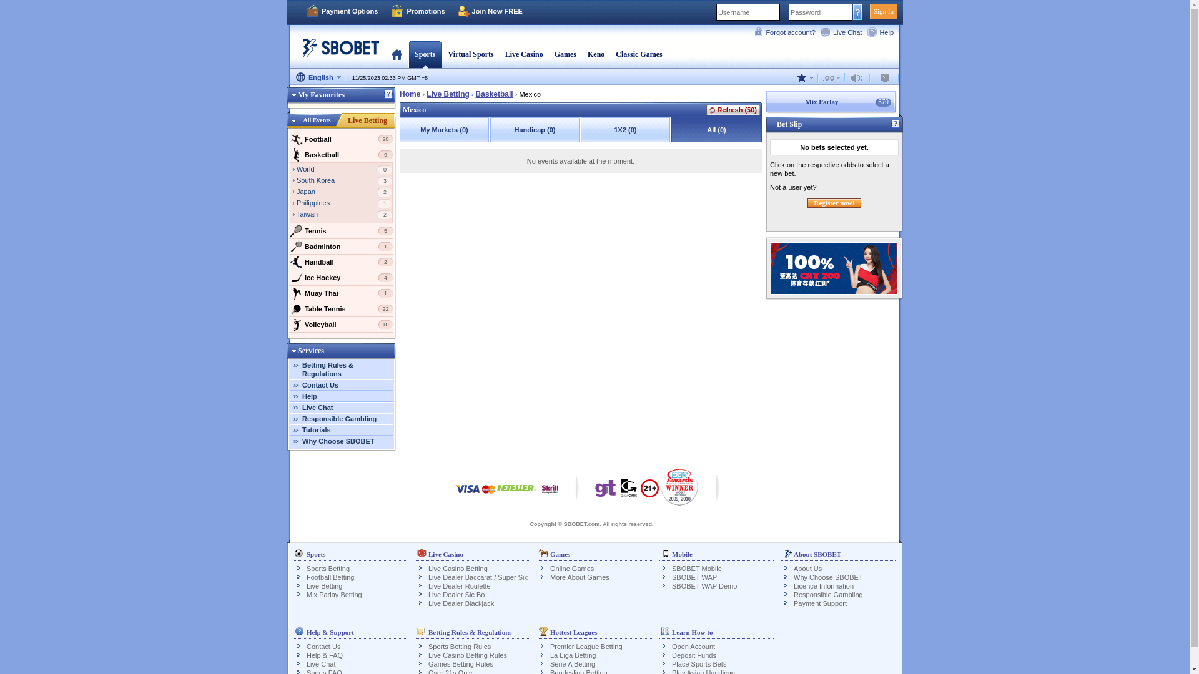 The width and height of the screenshot is (1199, 674). I want to click on 'Serie A Betting', so click(571, 663).